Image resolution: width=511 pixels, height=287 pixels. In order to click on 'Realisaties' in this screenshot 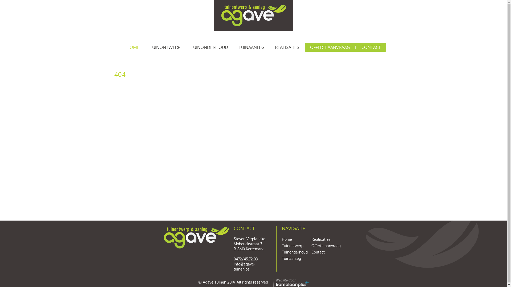, I will do `click(320, 239)`.